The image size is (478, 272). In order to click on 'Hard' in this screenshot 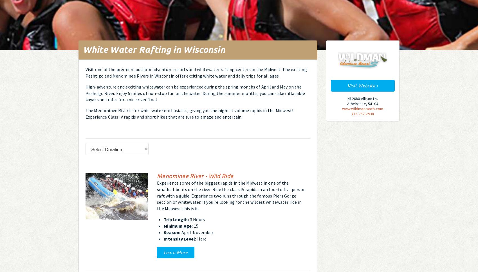, I will do `click(201, 238)`.